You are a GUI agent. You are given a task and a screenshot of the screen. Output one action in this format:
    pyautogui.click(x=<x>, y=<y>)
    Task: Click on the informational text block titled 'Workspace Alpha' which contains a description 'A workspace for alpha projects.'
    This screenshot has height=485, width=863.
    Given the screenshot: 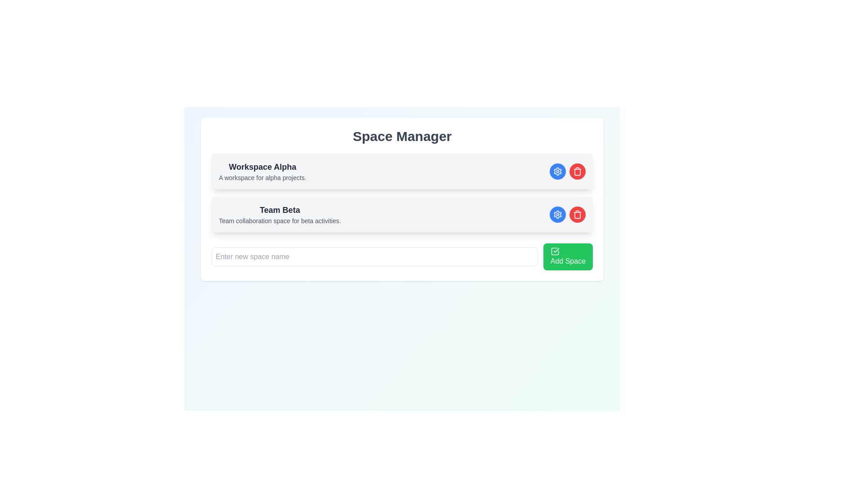 What is the action you would take?
    pyautogui.click(x=262, y=171)
    